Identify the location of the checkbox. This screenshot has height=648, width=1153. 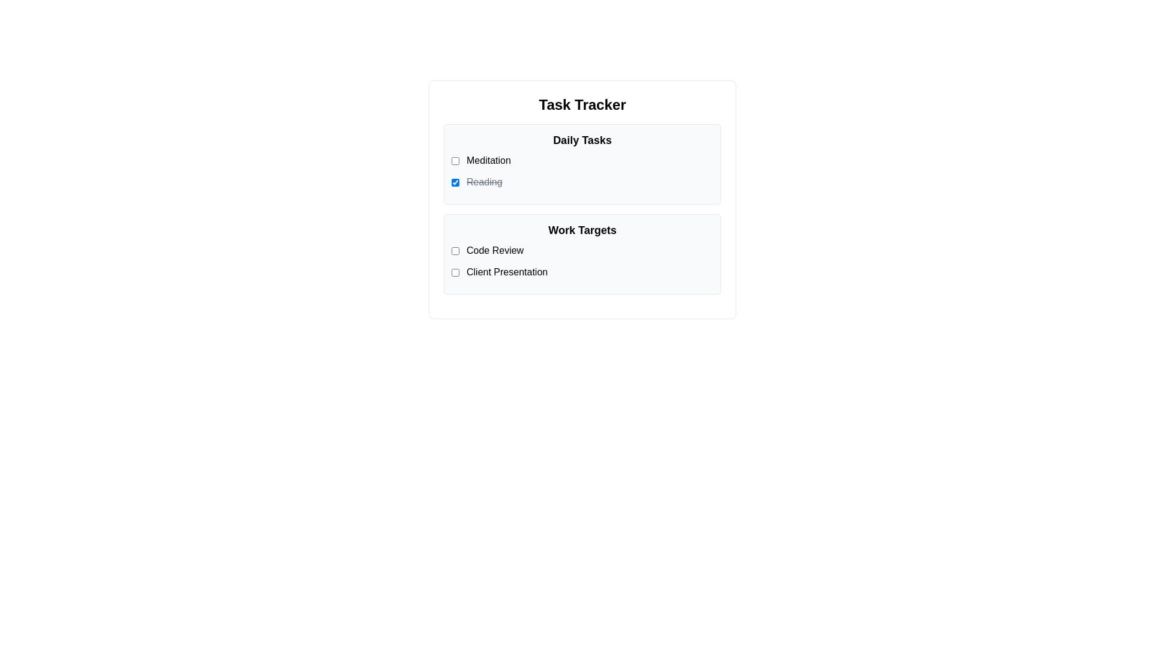
(455, 250).